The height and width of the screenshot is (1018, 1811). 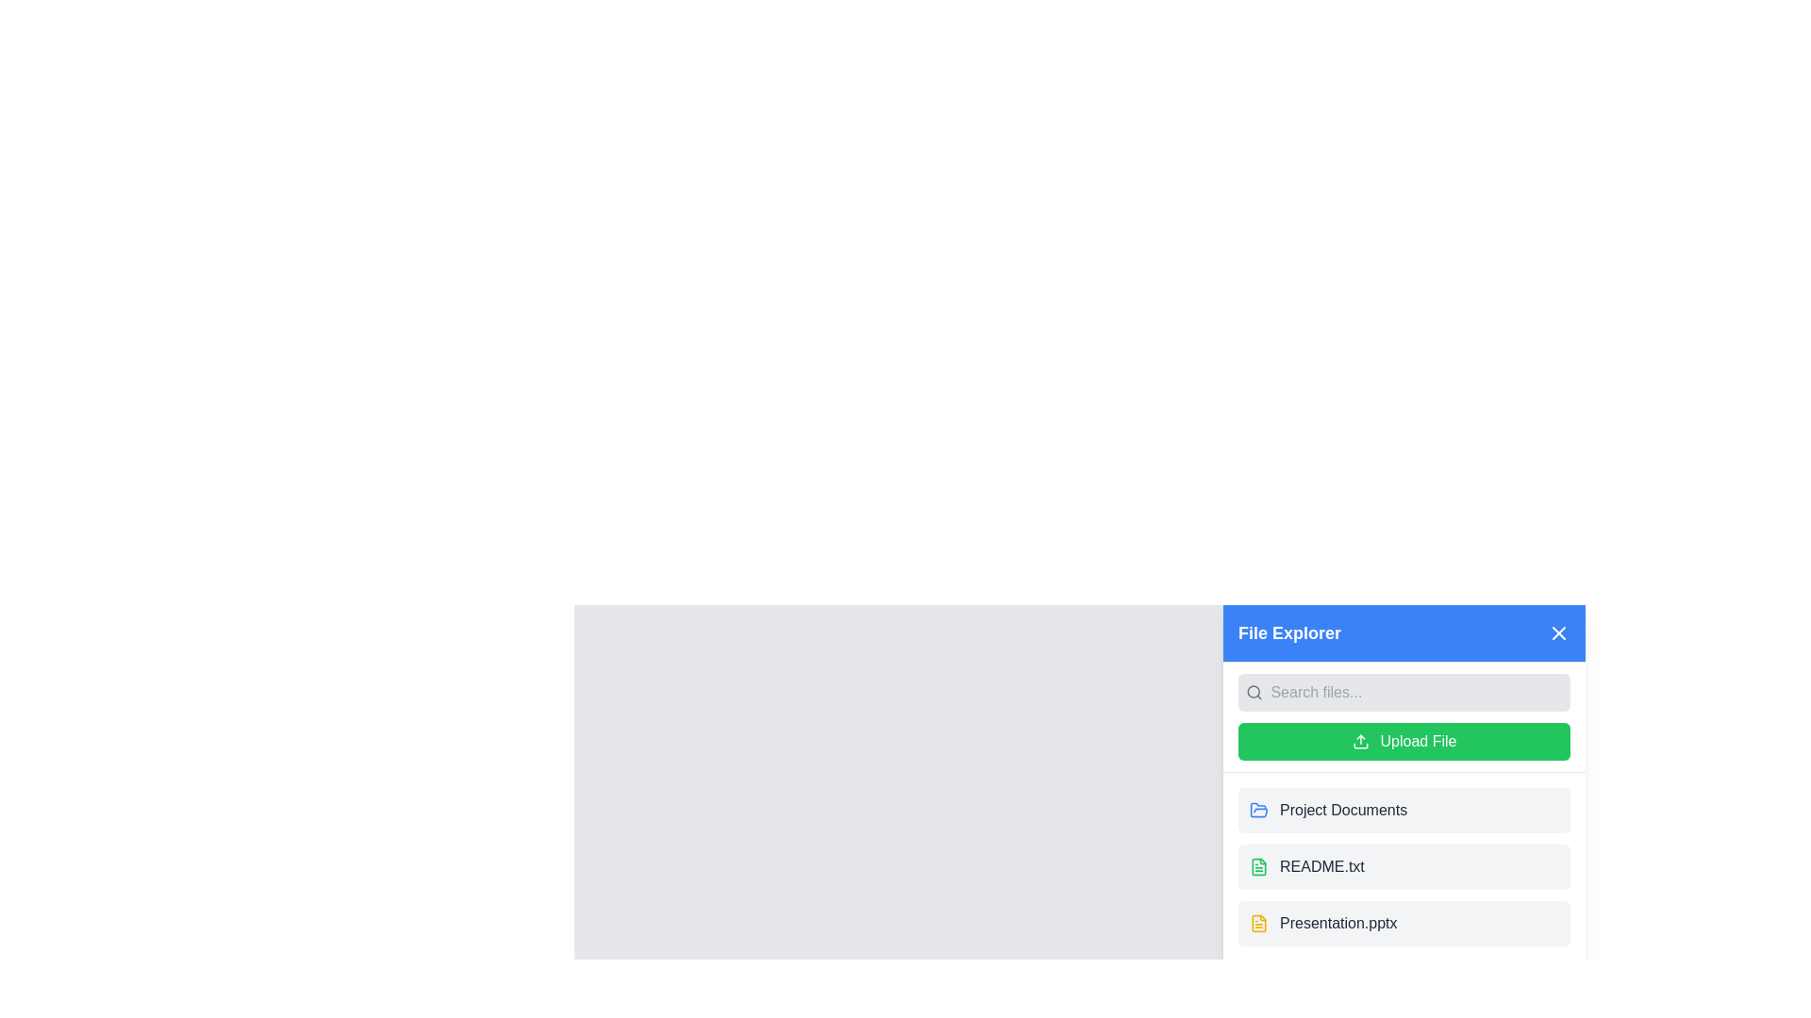 What do you see at coordinates (1360, 740) in the screenshot?
I see `the upward arrow SVG icon indicating an upload action, located within the green 'Upload File' button` at bounding box center [1360, 740].